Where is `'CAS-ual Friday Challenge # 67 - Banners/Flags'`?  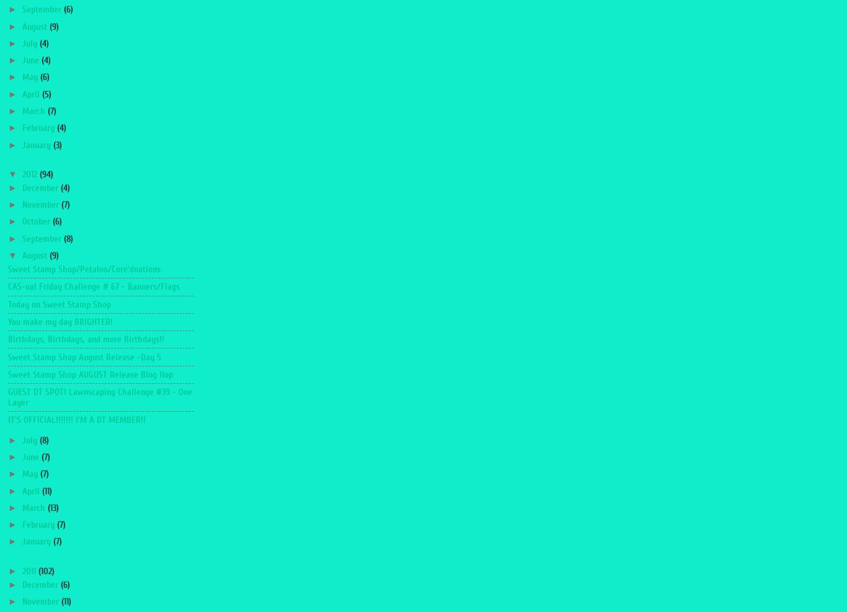
'CAS-ual Friday Challenge # 67 - Banners/Flags' is located at coordinates (93, 286).